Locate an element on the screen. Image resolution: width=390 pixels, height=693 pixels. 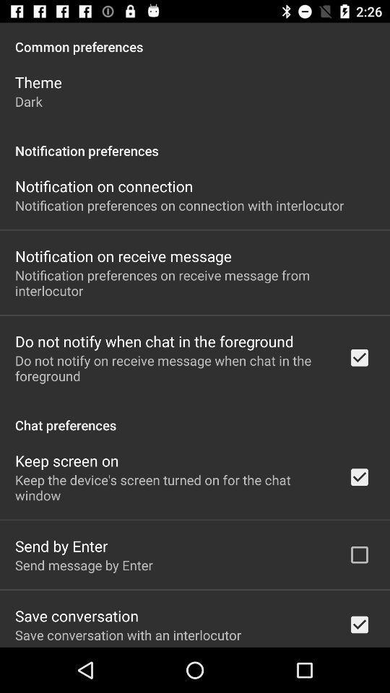
item below keep screen on is located at coordinates (172, 487).